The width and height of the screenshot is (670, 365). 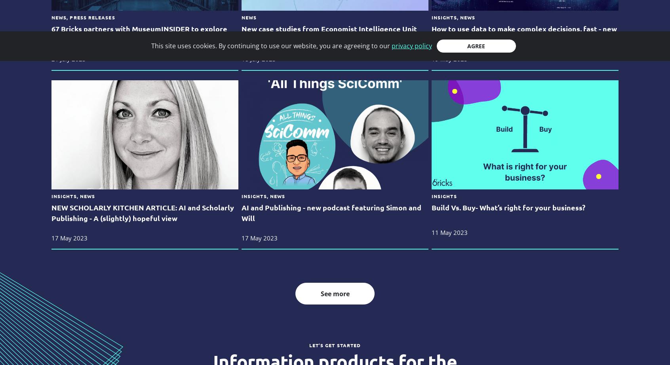 I want to click on 'News, Press Releases', so click(x=82, y=17).